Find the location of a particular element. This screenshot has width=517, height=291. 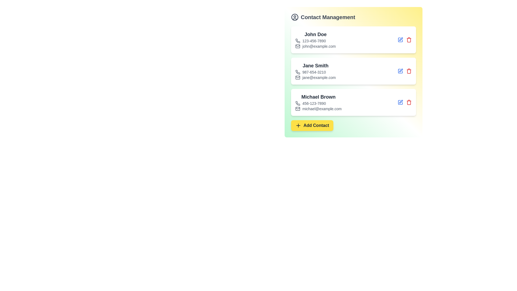

the edit button for the contact with name John Doe is located at coordinates (400, 39).